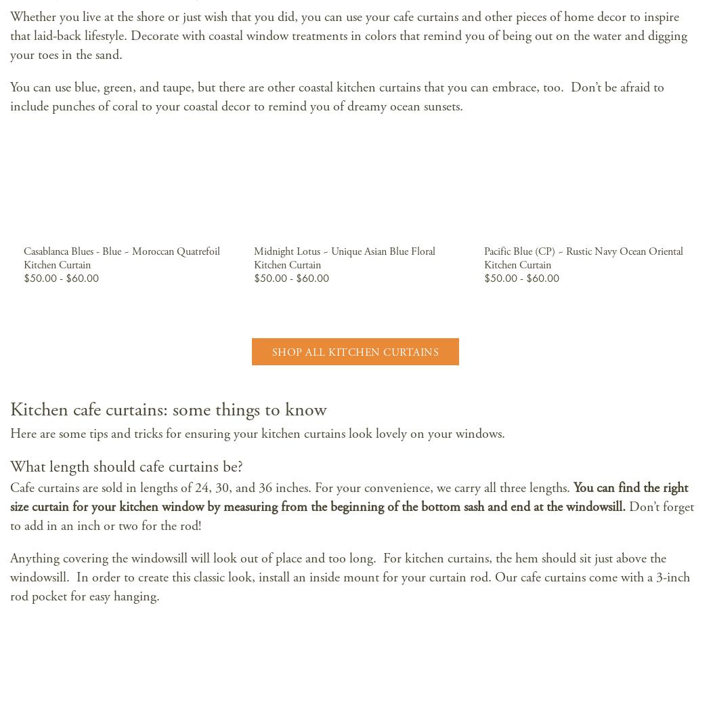 This screenshot has height=717, width=711. I want to click on 'Midnight Lotus ~ Unique Asian Blue Floral Kitchen Curtain', so click(343, 258).